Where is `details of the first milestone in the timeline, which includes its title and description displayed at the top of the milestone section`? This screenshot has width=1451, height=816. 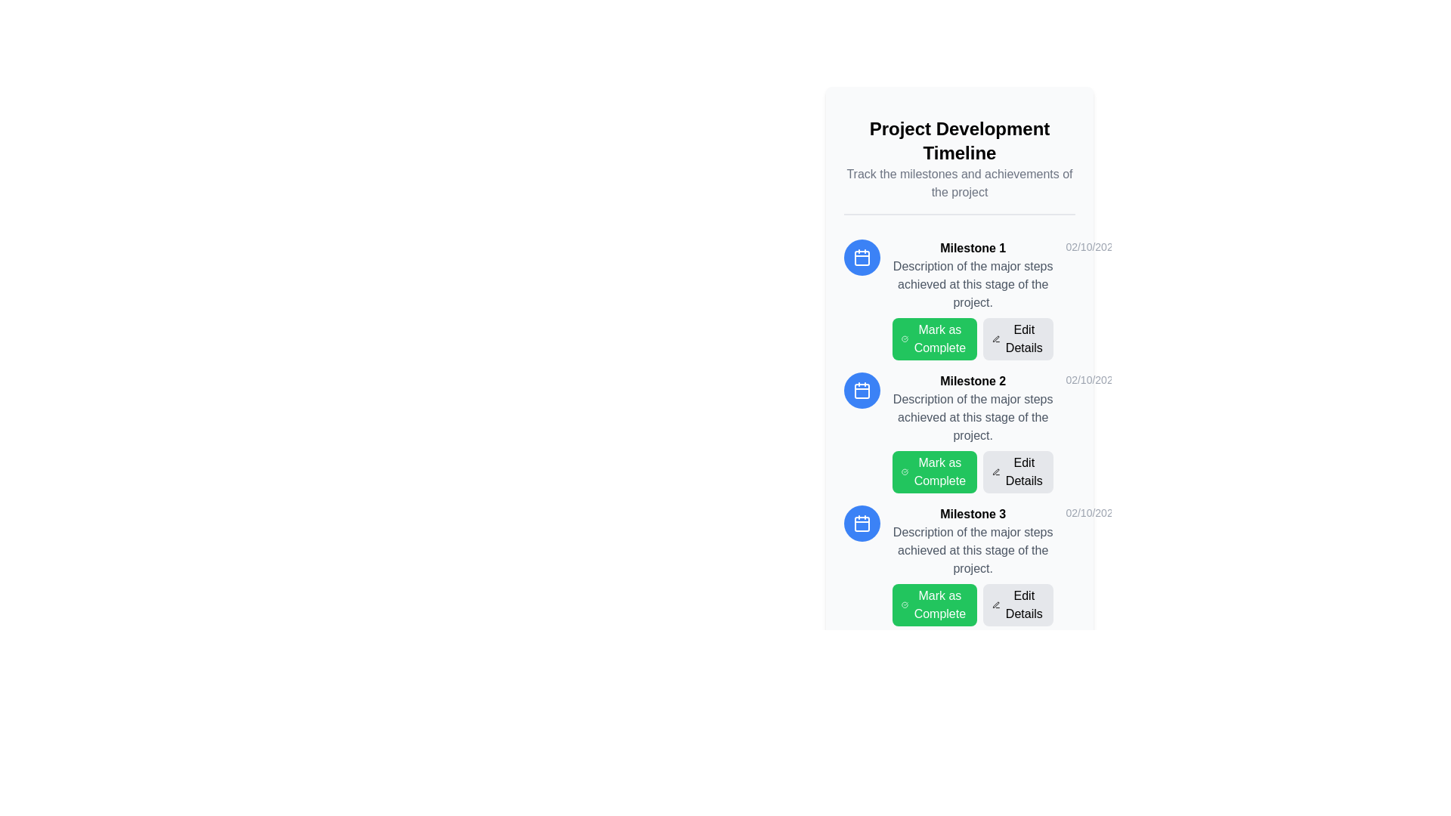
details of the first milestone in the timeline, which includes its title and description displayed at the top of the milestone section is located at coordinates (973, 300).